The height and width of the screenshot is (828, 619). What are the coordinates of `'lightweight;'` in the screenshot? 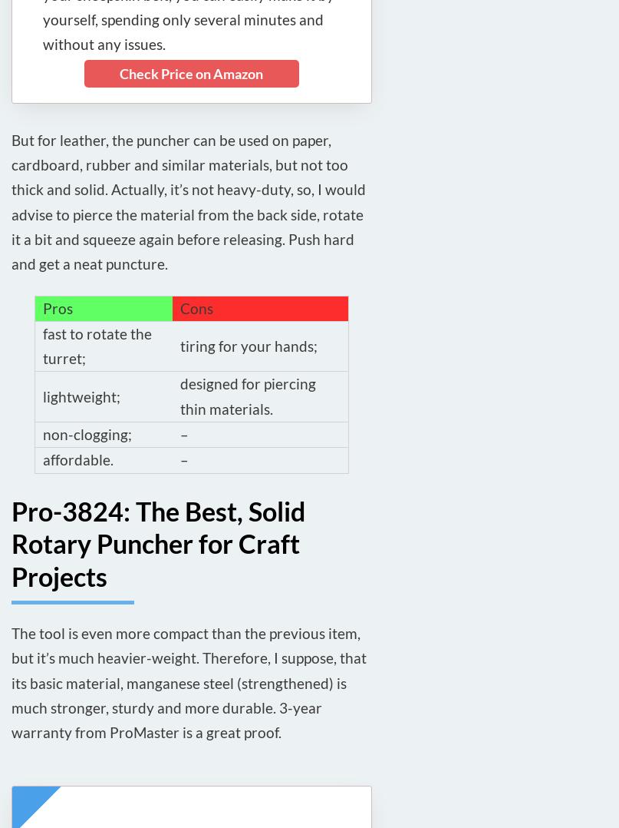 It's located at (81, 396).